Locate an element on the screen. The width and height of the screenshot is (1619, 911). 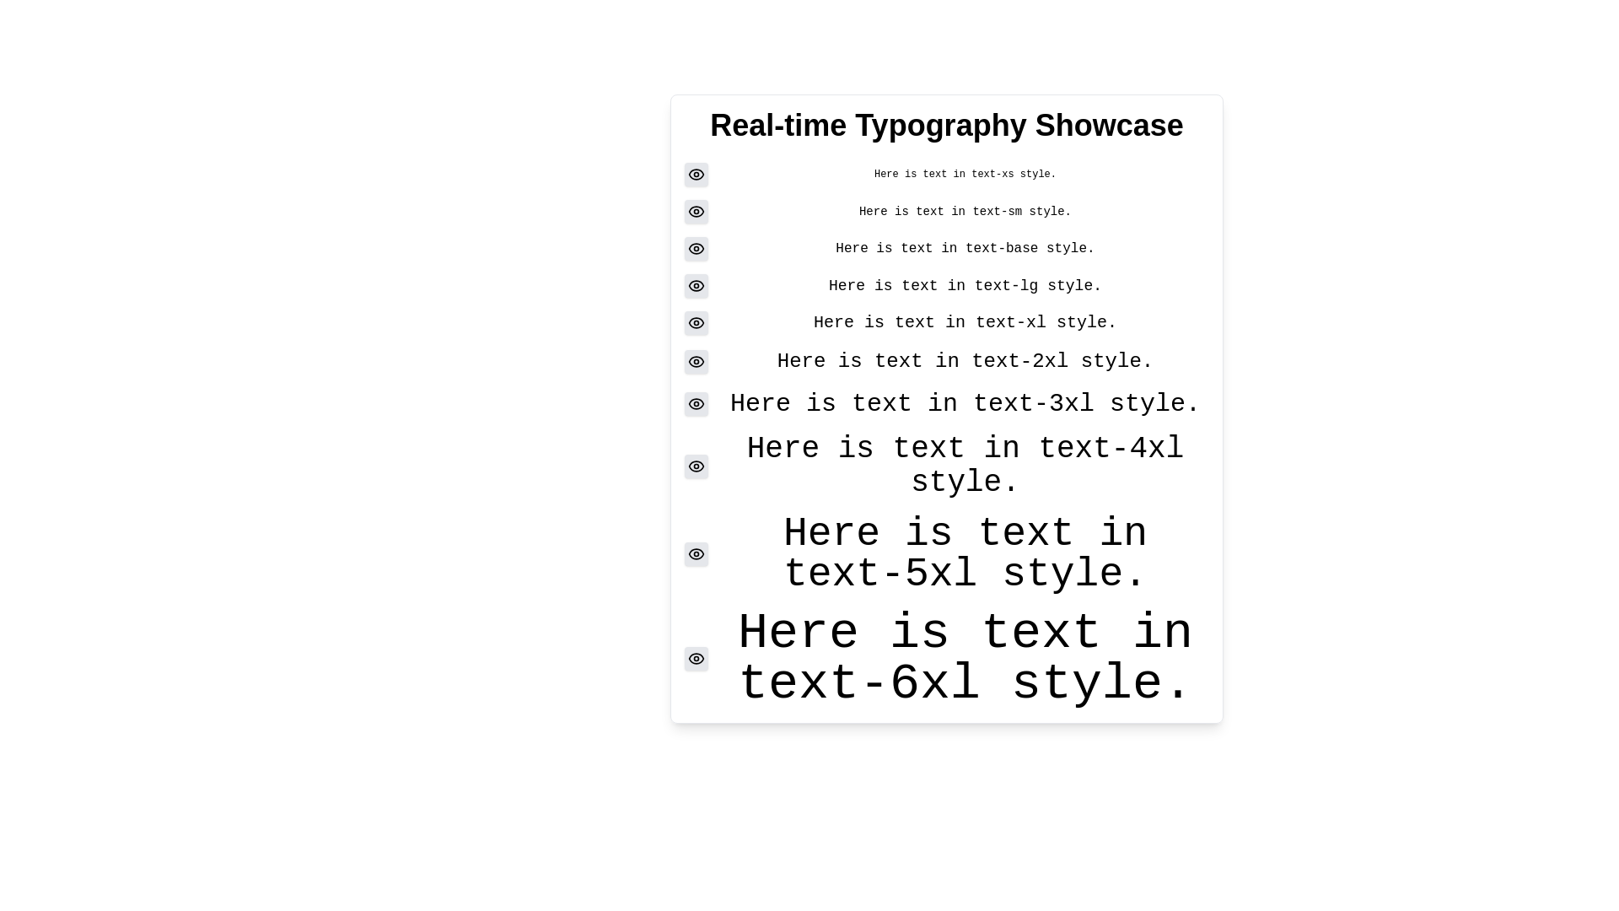
the eye icon button, which has a circular light gray background and is positioned to the left of the text 'Here is text in text-xl style.' is located at coordinates (696, 322).